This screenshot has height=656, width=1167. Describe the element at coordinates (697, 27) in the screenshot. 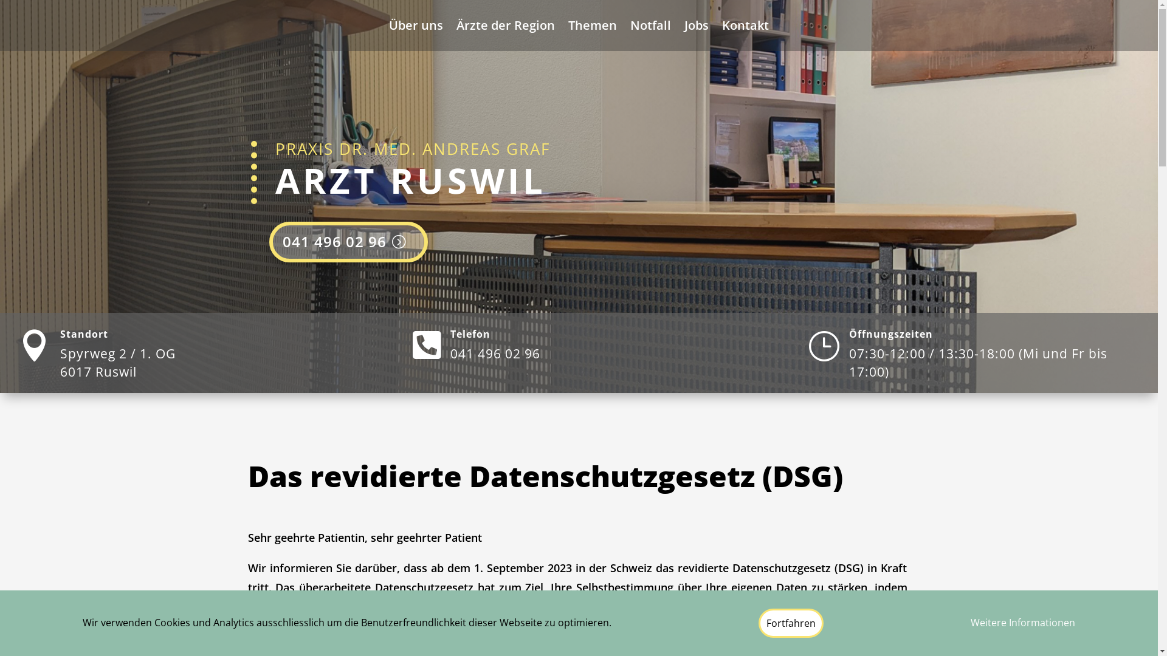

I see `'Jobs'` at that location.